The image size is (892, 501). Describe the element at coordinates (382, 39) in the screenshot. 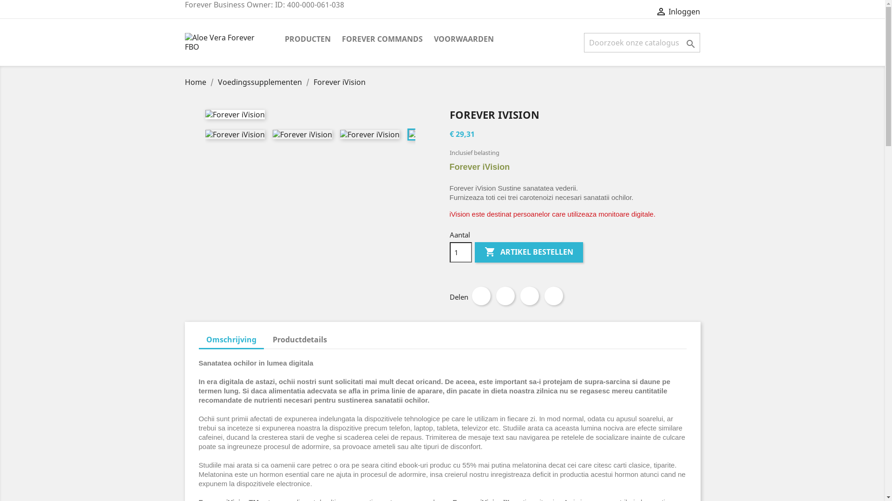

I see `'FOREVER COMMANDS'` at that location.